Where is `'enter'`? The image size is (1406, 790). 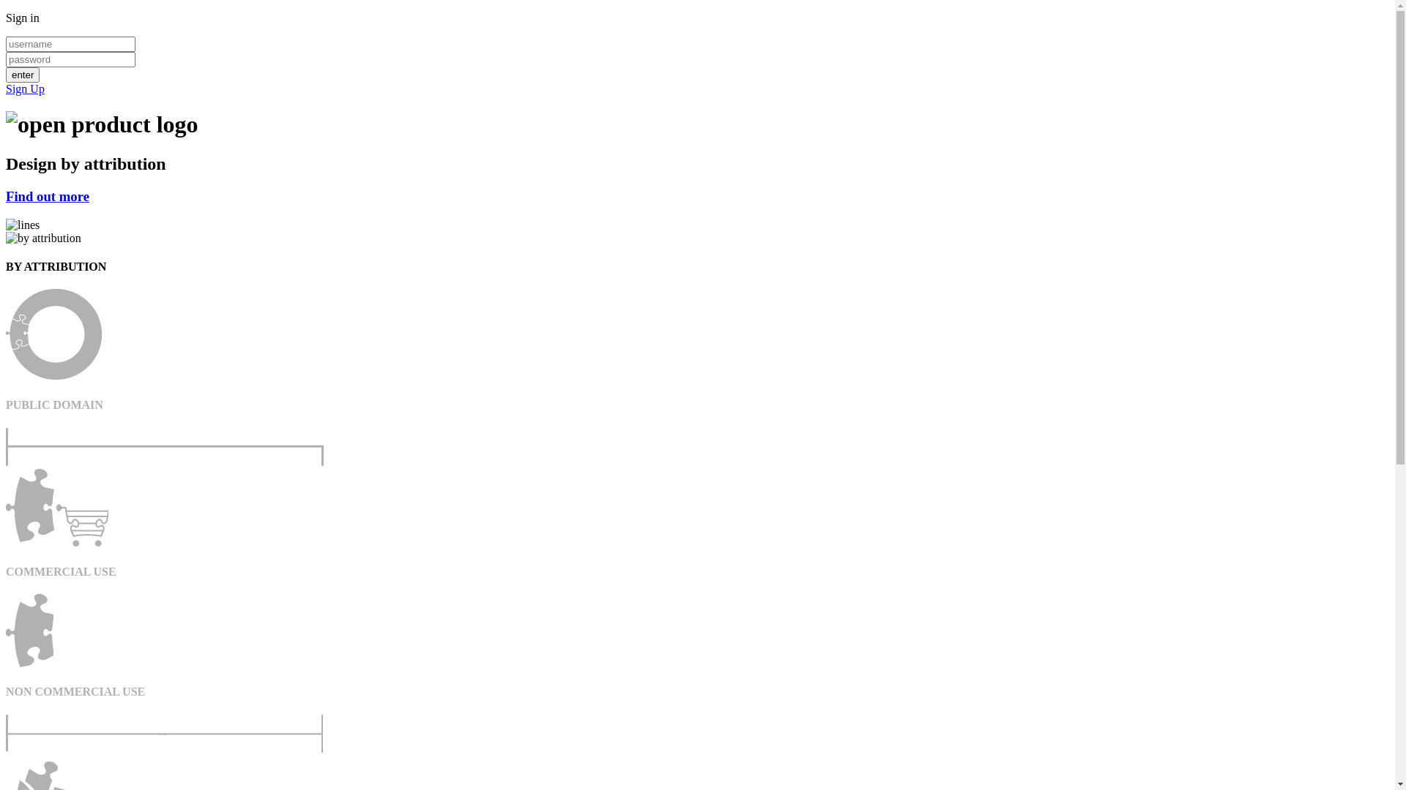 'enter' is located at coordinates (22, 75).